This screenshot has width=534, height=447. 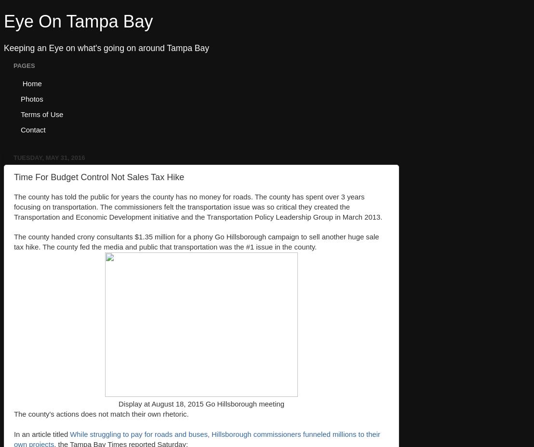 I want to click on 'Display at August 18, 2015 Go Hillsborough meeting', so click(x=200, y=404).